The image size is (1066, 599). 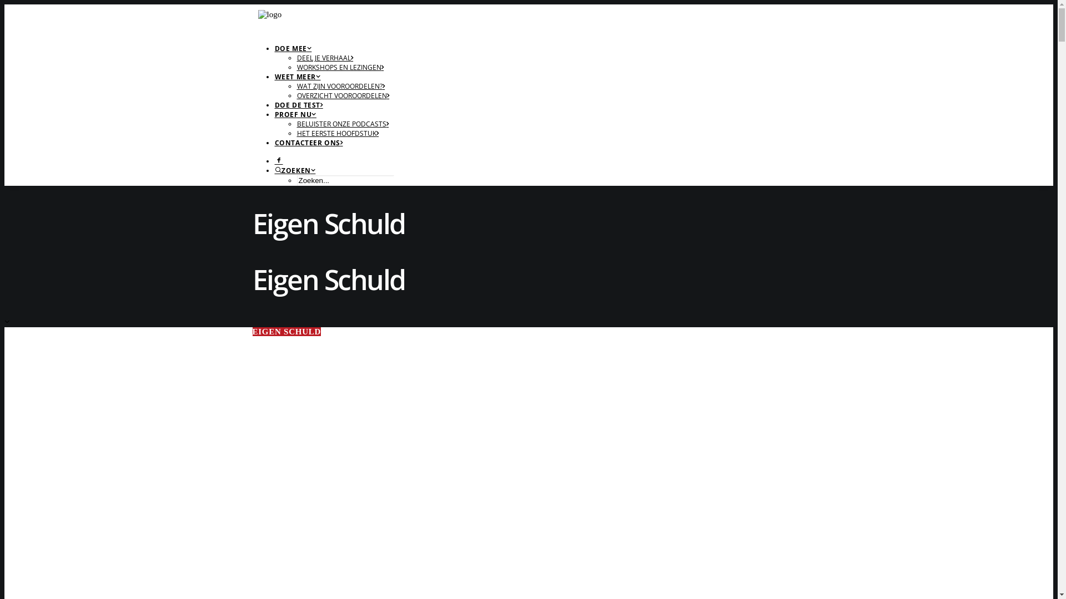 What do you see at coordinates (296, 67) in the screenshot?
I see `'WORKSHOPS EN LEZINGEN'` at bounding box center [296, 67].